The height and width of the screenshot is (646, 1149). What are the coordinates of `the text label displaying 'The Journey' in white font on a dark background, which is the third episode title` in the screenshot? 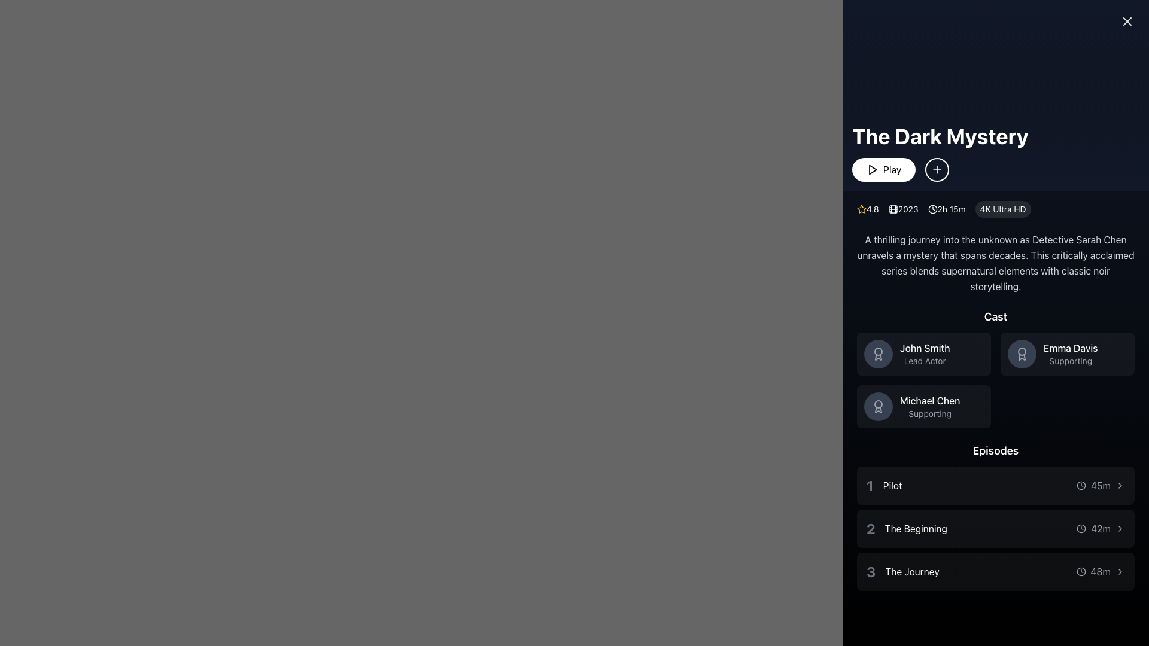 It's located at (911, 571).